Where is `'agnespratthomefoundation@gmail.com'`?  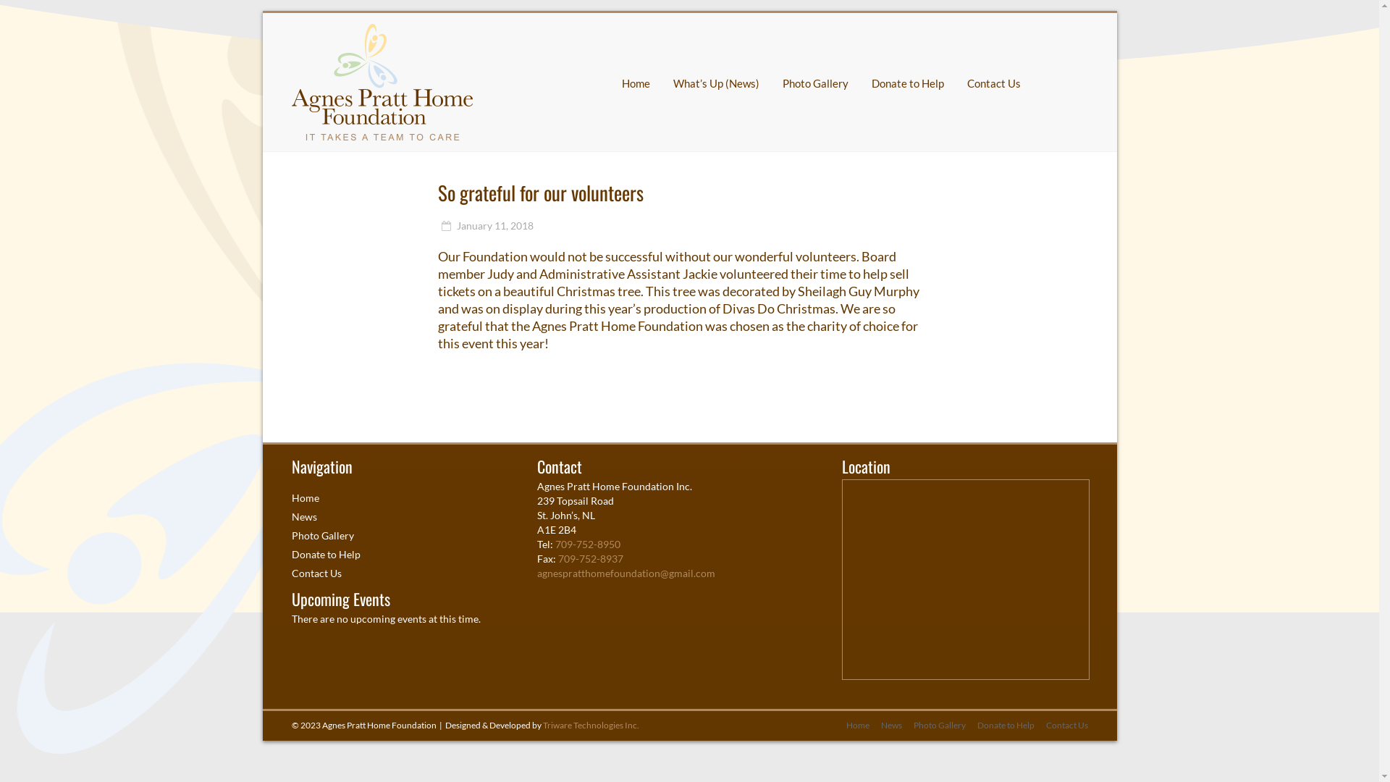 'agnespratthomefoundation@gmail.com' is located at coordinates (536, 572).